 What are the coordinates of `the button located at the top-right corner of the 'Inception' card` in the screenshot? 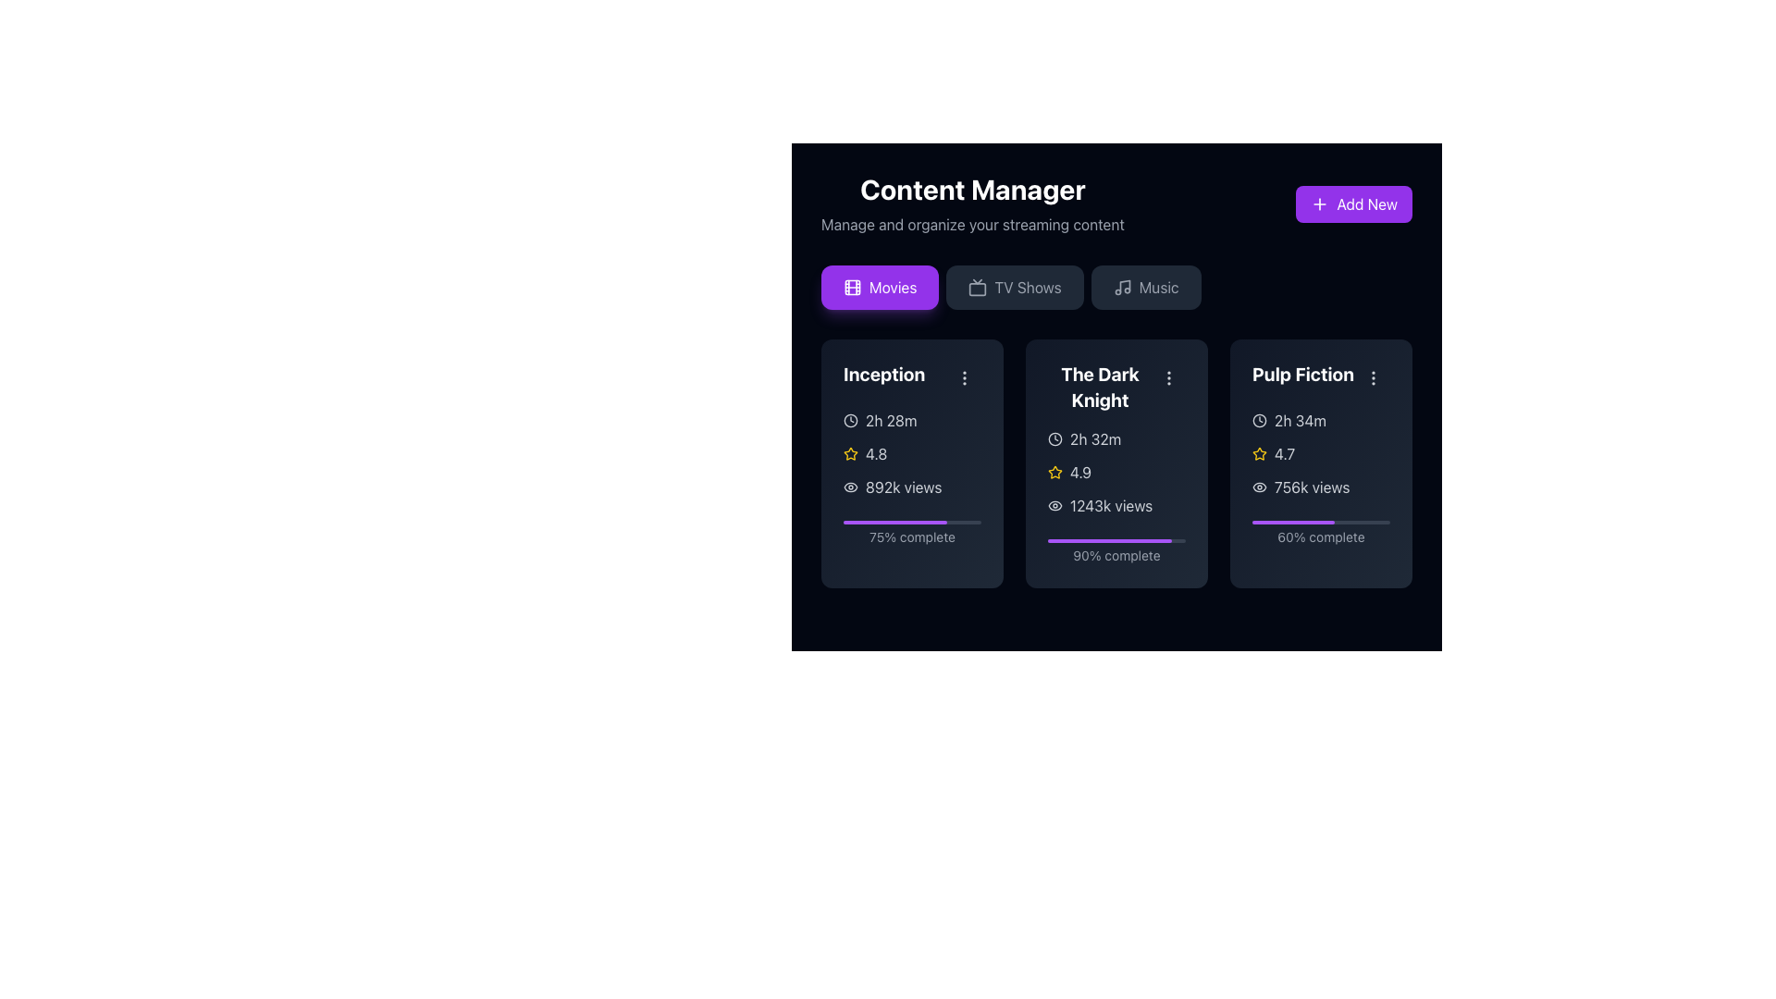 It's located at (963, 376).